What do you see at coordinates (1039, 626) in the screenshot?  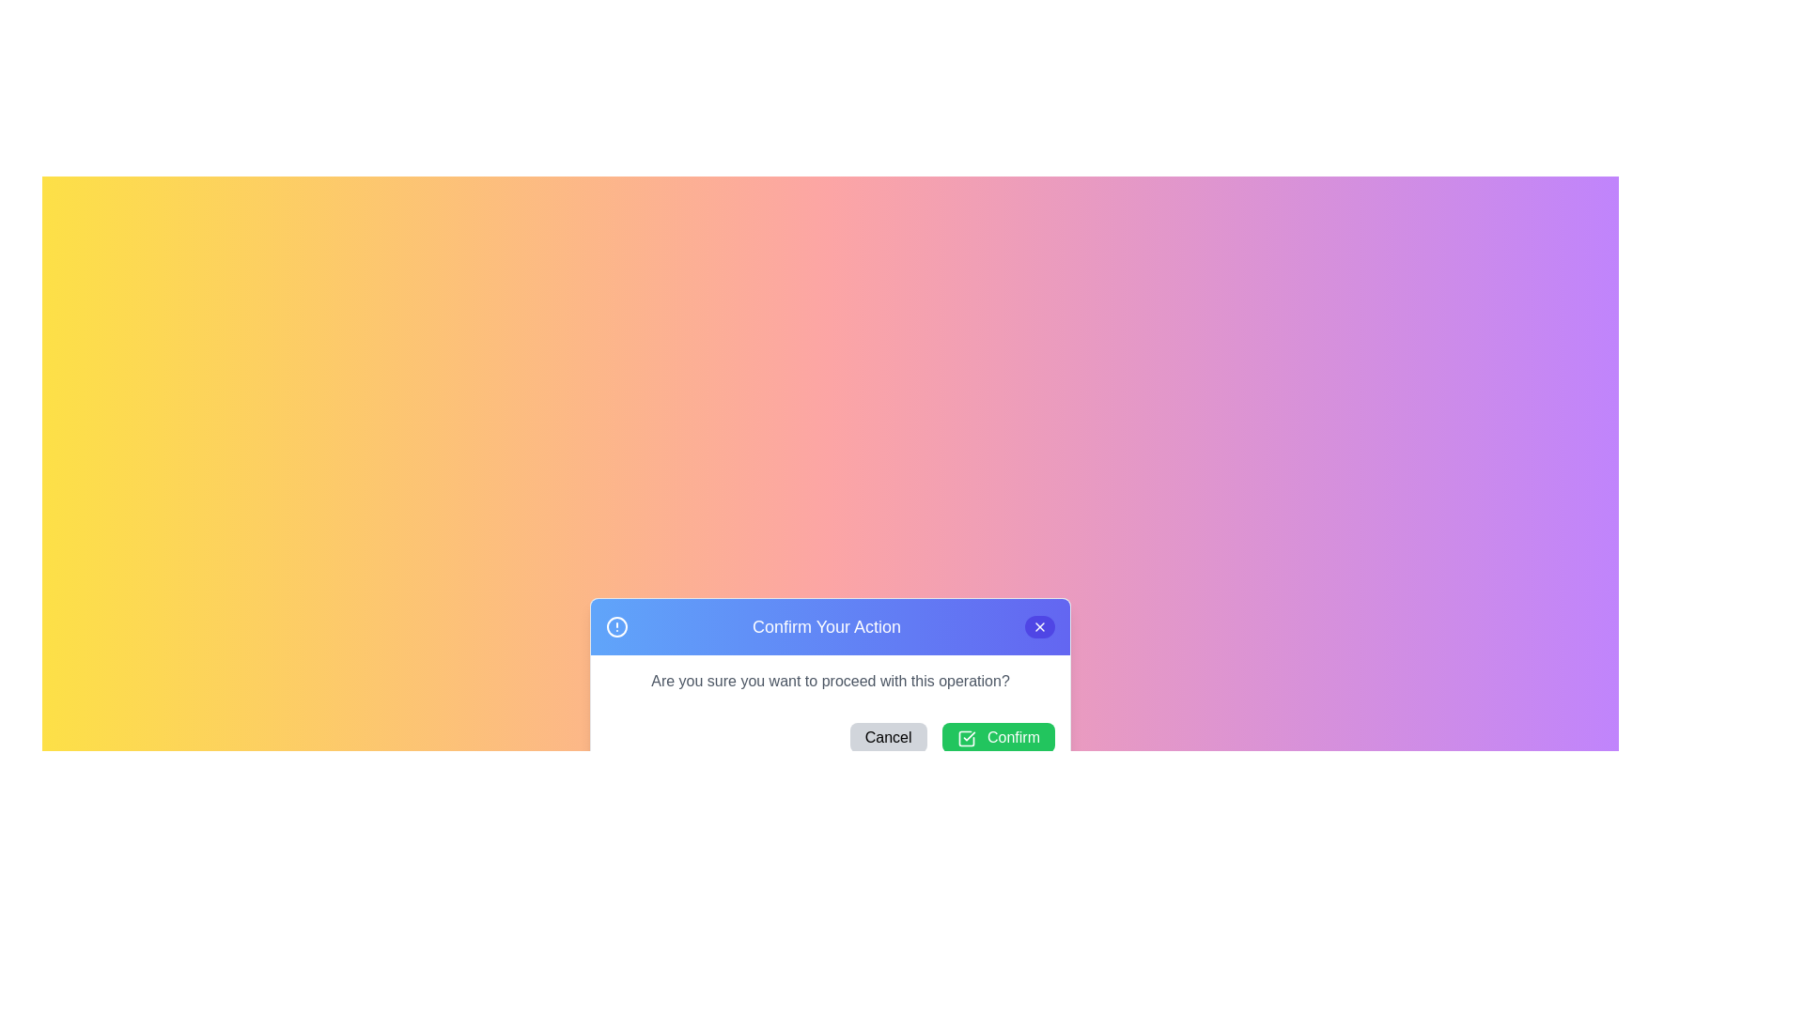 I see `the close button represented by an 'X' shaped SVG graphic located at the top-right corner of the modal window` at bounding box center [1039, 626].